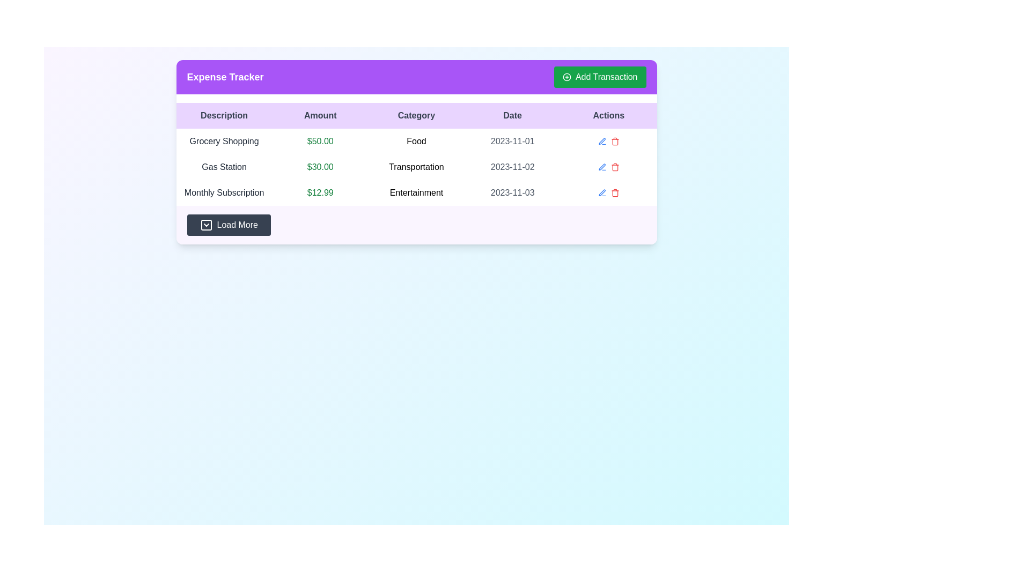 Image resolution: width=1030 pixels, height=579 pixels. I want to click on the vertical rectangular trash can icon in the 'Actions' column for 'Food' on '2023-11-01', so click(615, 142).